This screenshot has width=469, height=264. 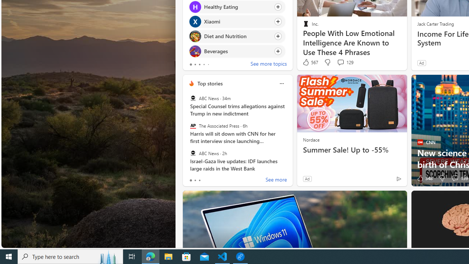 I want to click on 'tab-2', so click(x=199, y=180).